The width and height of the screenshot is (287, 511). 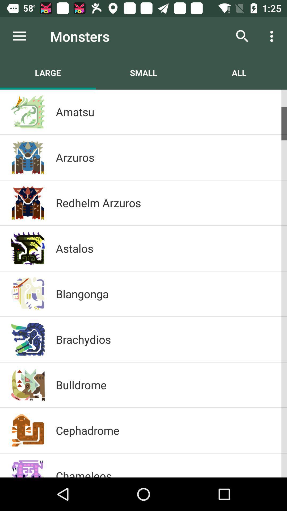 I want to click on icon above the bulldrome icon, so click(x=166, y=339).